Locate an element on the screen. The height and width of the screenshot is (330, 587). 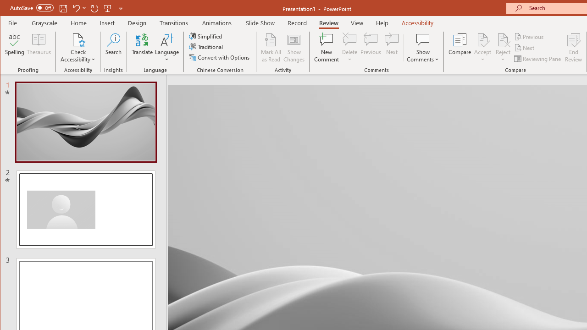
'Previous' is located at coordinates (529, 36).